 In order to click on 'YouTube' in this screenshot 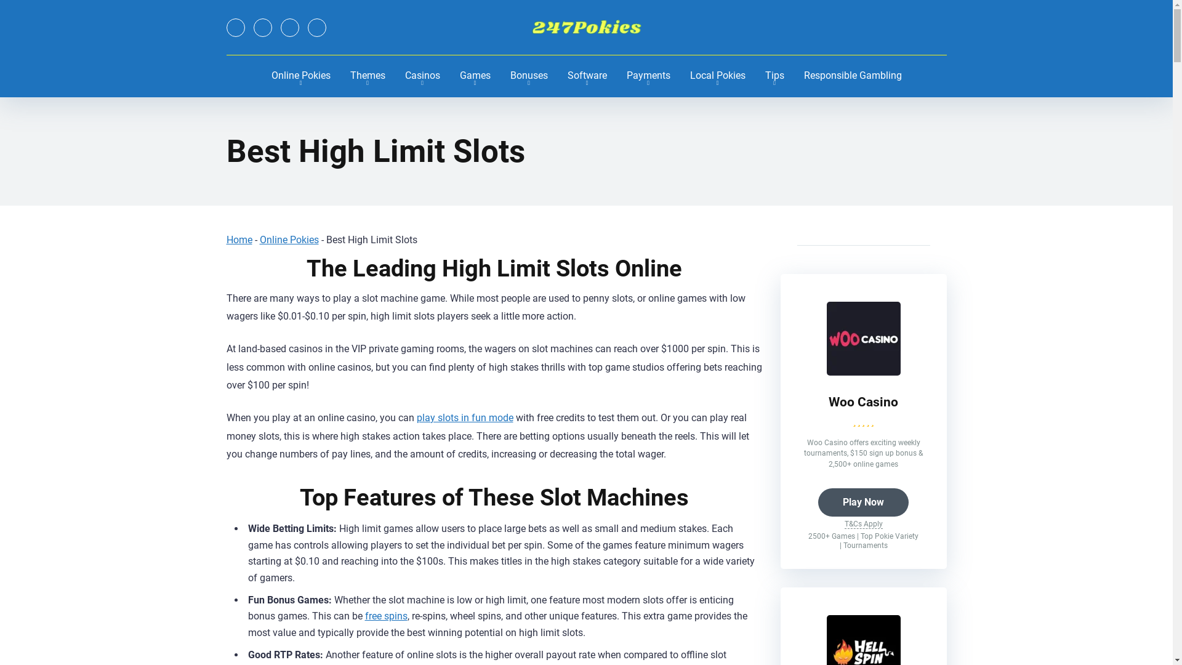, I will do `click(262, 28)`.